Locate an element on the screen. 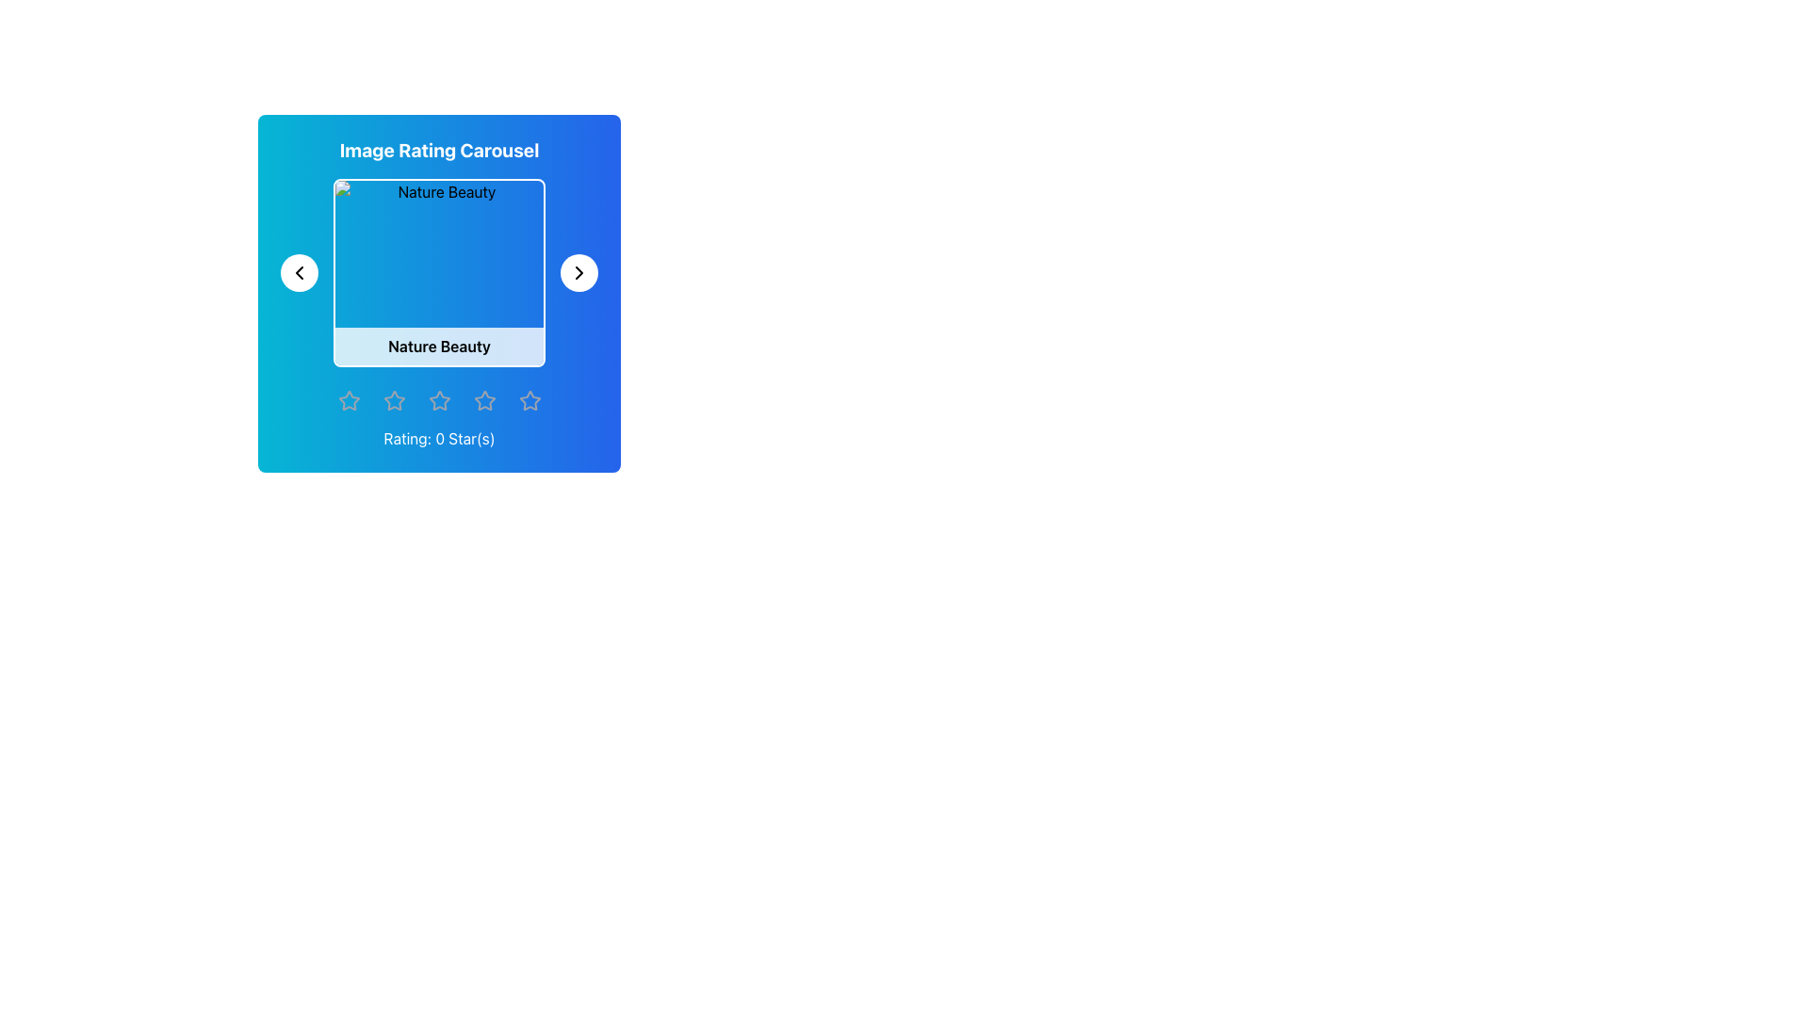 The height and width of the screenshot is (1017, 1809). the last star in the horizontal row of five stars is located at coordinates (529, 399).